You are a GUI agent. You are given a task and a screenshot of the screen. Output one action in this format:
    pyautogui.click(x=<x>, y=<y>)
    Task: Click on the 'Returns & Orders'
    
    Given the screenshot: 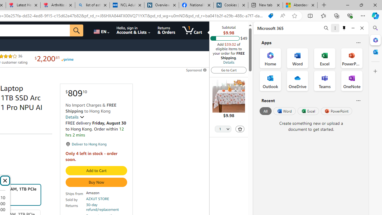 What is the action you would take?
    pyautogui.click(x=166, y=30)
    